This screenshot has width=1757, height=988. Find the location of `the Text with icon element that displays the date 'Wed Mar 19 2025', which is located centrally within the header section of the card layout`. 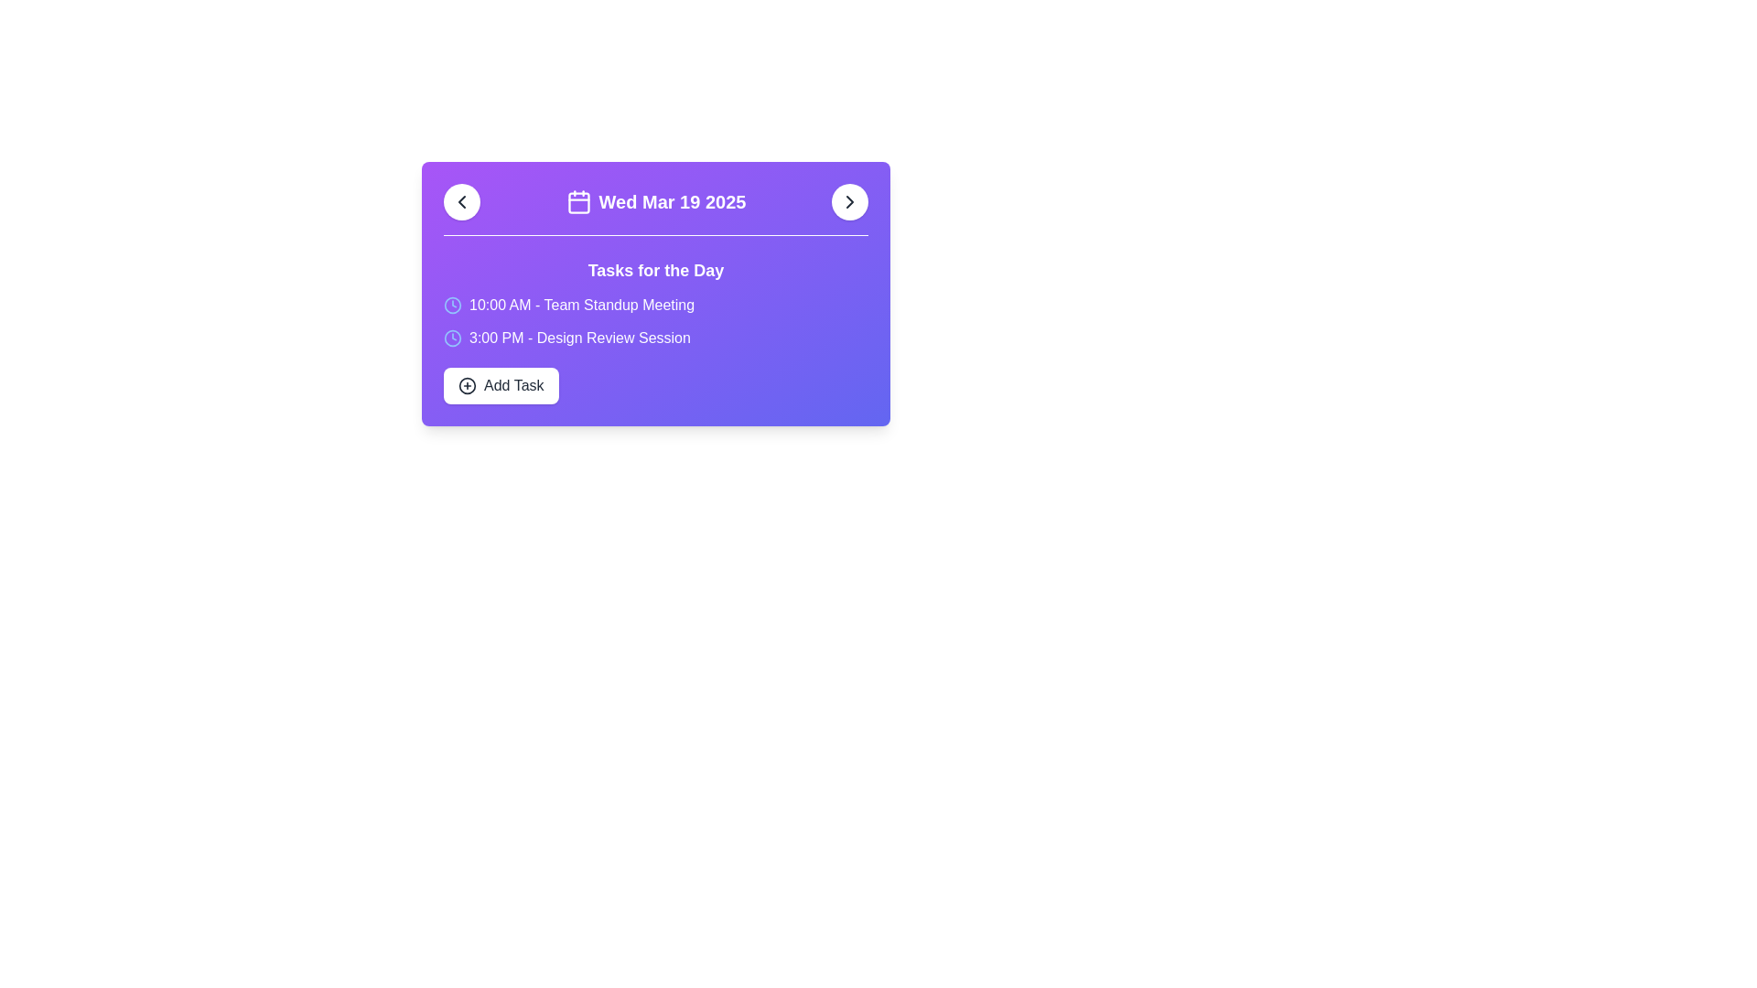

the Text with icon element that displays the date 'Wed Mar 19 2025', which is located centrally within the header section of the card layout is located at coordinates (655, 201).